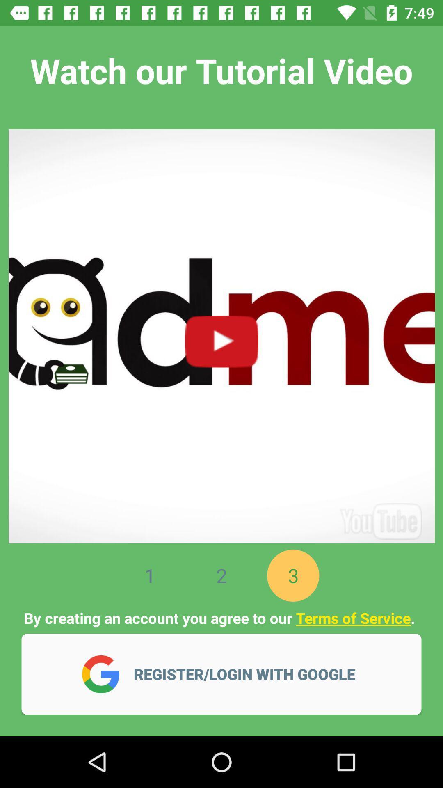 Image resolution: width=443 pixels, height=788 pixels. What do you see at coordinates (221, 332) in the screenshot?
I see `video` at bounding box center [221, 332].